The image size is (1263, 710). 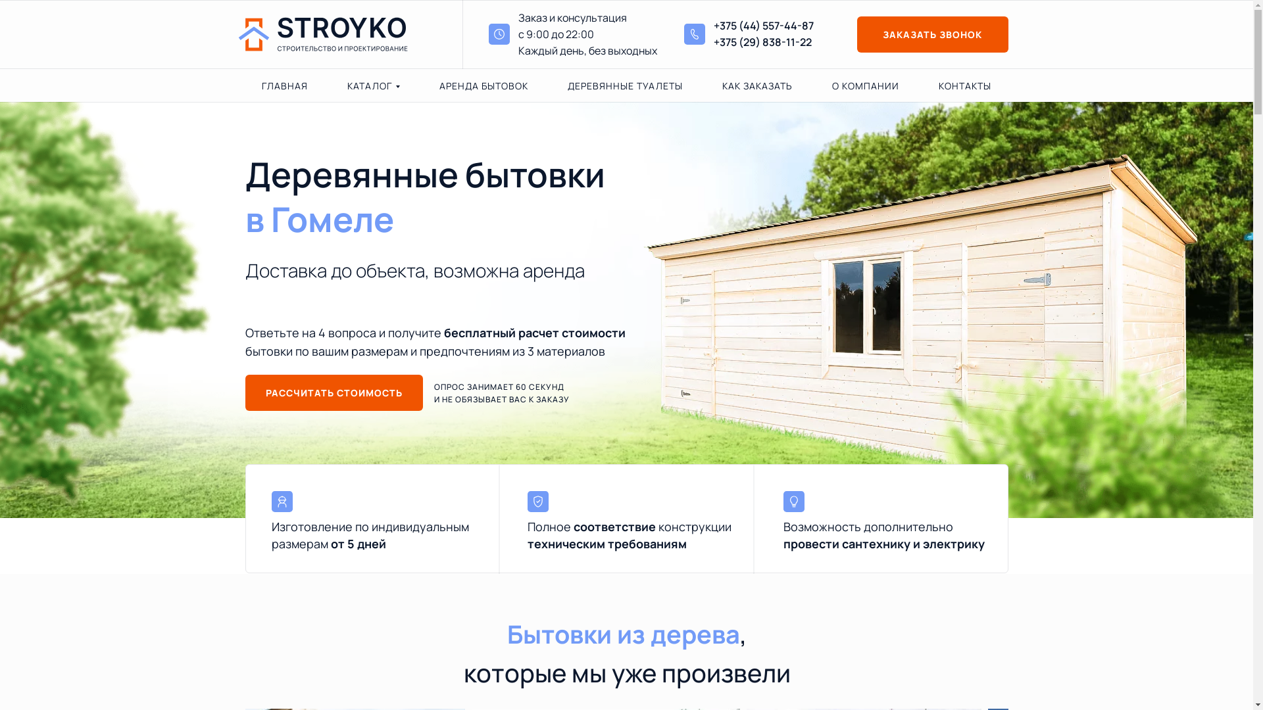 What do you see at coordinates (762, 41) in the screenshot?
I see `'+375 (29) 838-11-22'` at bounding box center [762, 41].